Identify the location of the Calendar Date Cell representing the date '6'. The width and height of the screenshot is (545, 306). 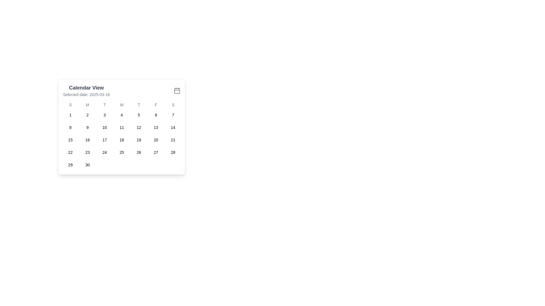
(156, 115).